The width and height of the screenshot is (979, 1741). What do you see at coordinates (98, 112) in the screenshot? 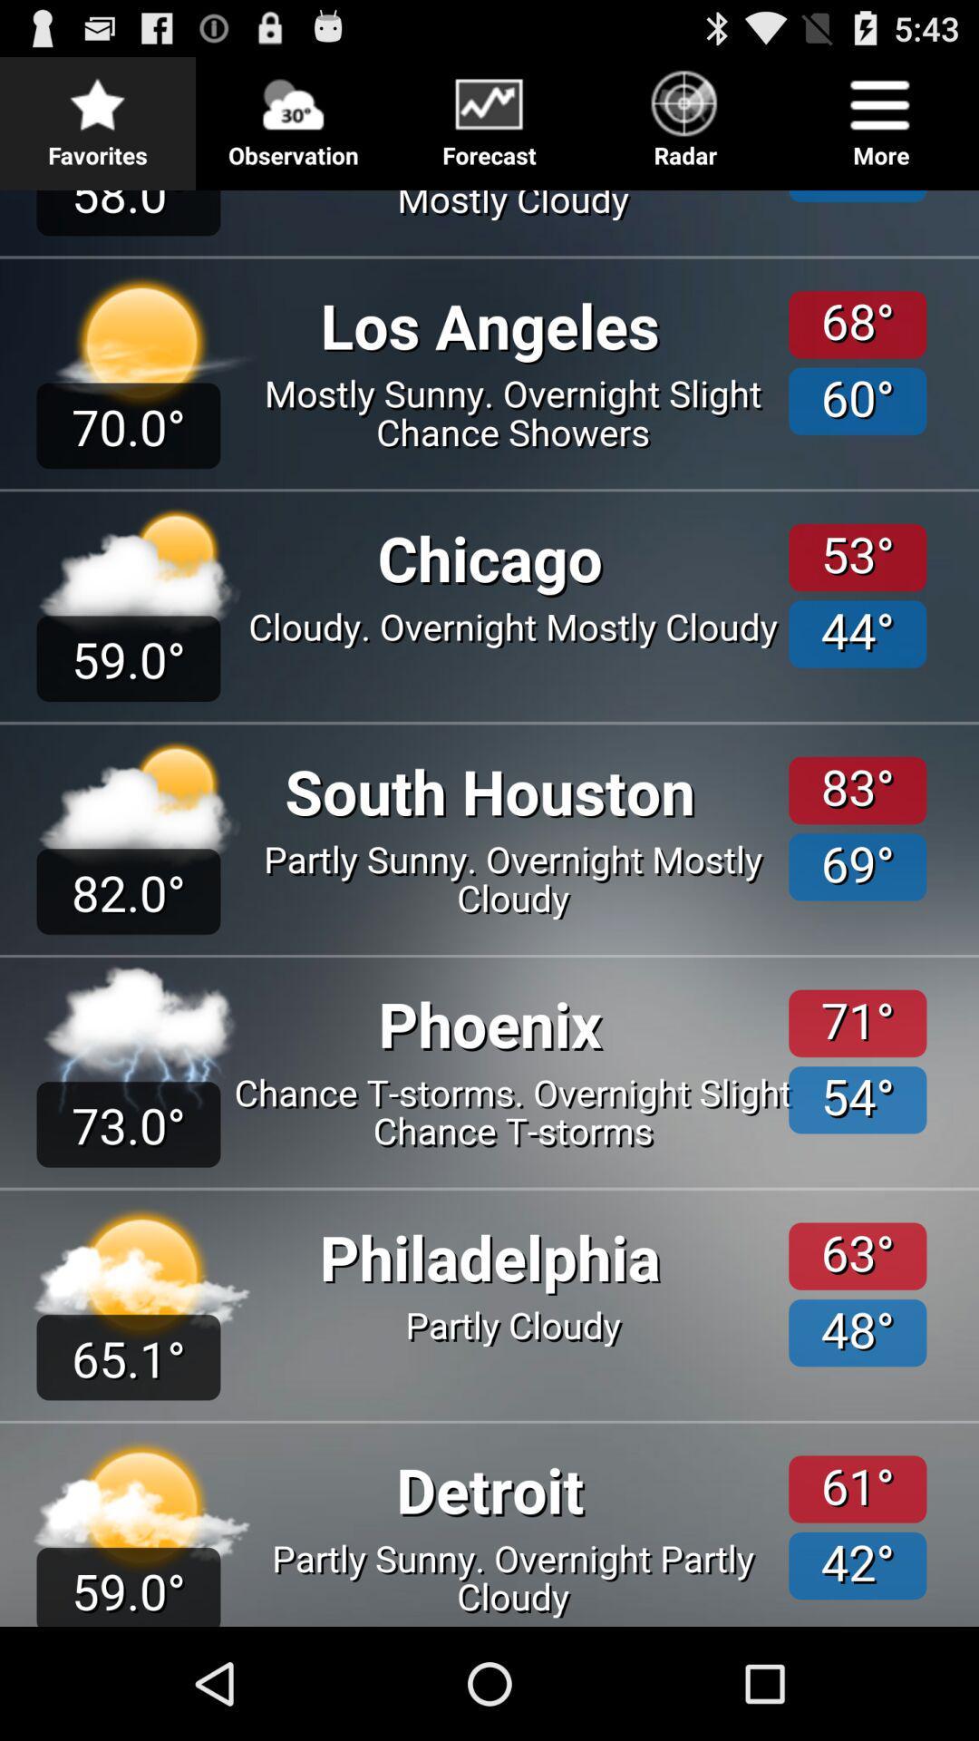
I see `the item to the left of the observation button` at bounding box center [98, 112].